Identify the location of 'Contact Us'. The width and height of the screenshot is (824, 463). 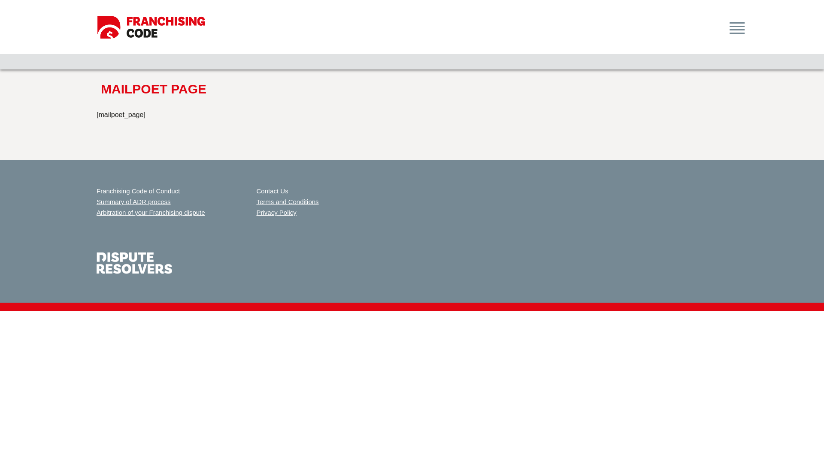
(256, 190).